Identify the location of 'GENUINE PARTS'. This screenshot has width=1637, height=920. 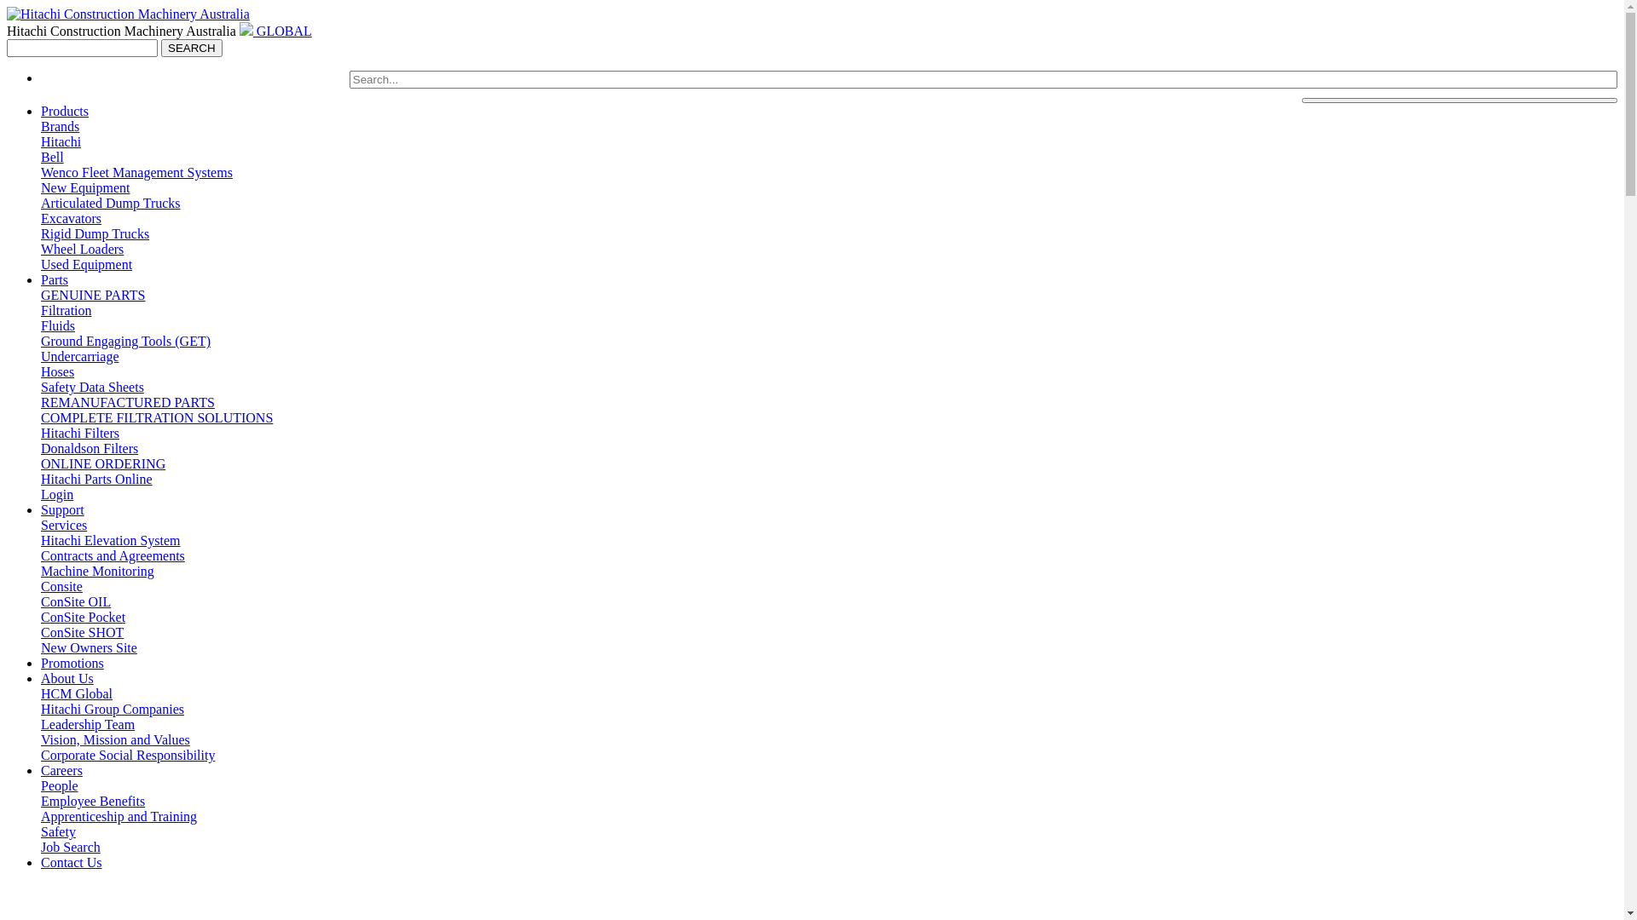
(92, 294).